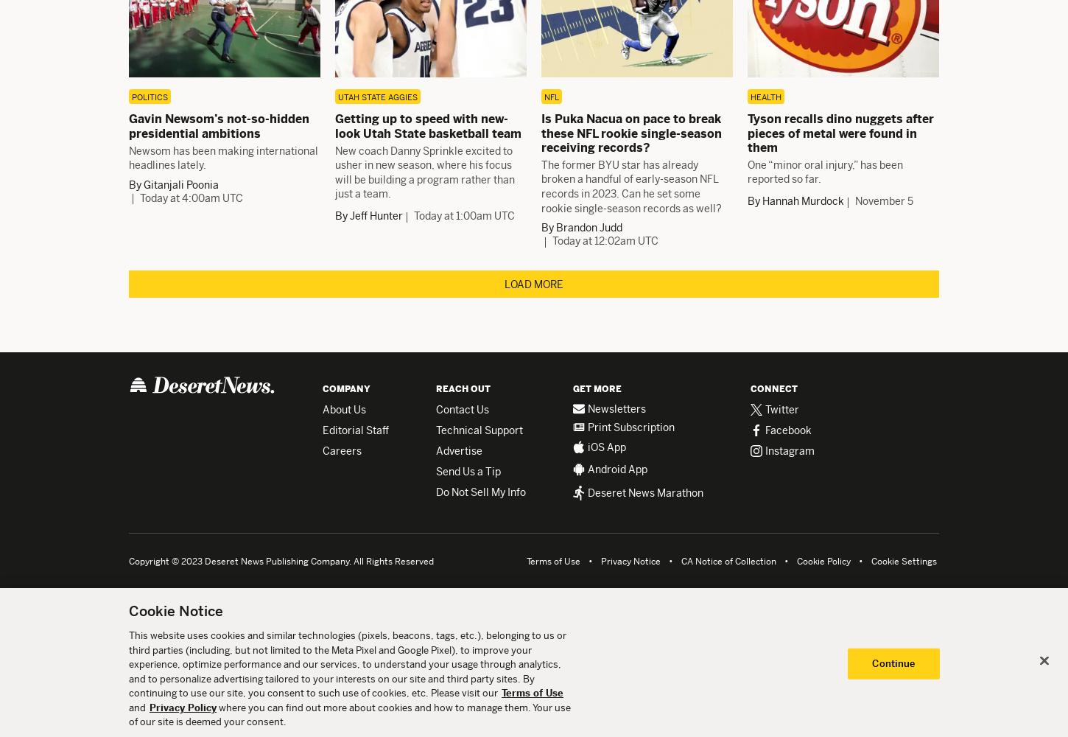  I want to click on 'Newsletters', so click(616, 408).